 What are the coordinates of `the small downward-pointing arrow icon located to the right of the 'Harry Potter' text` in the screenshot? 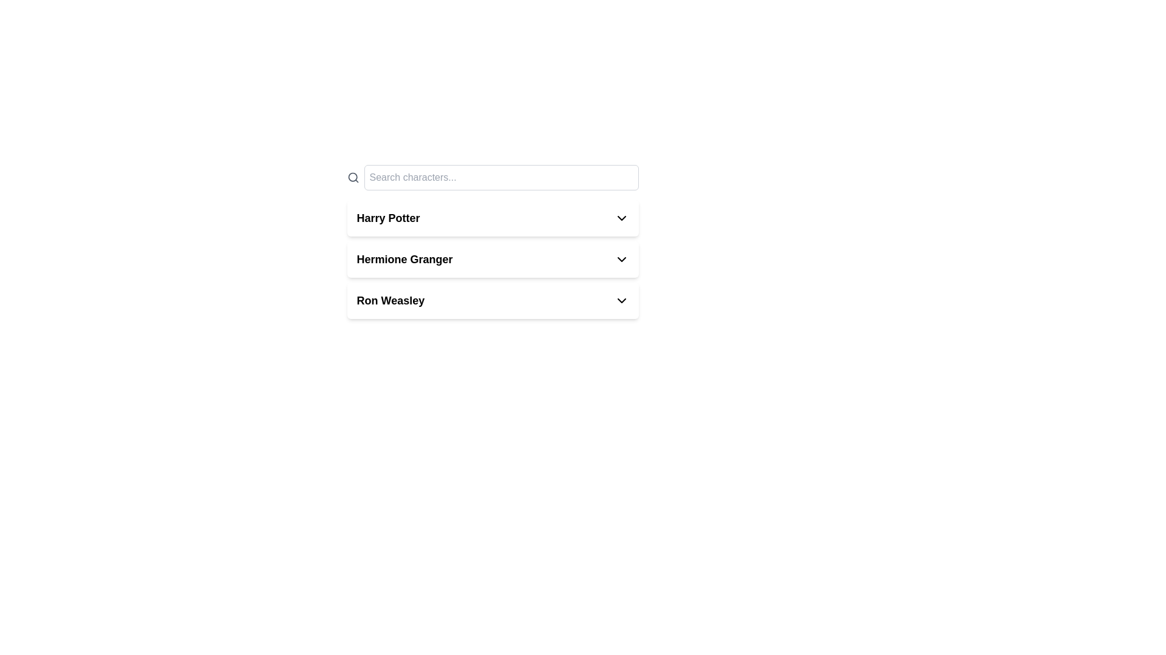 It's located at (621, 217).